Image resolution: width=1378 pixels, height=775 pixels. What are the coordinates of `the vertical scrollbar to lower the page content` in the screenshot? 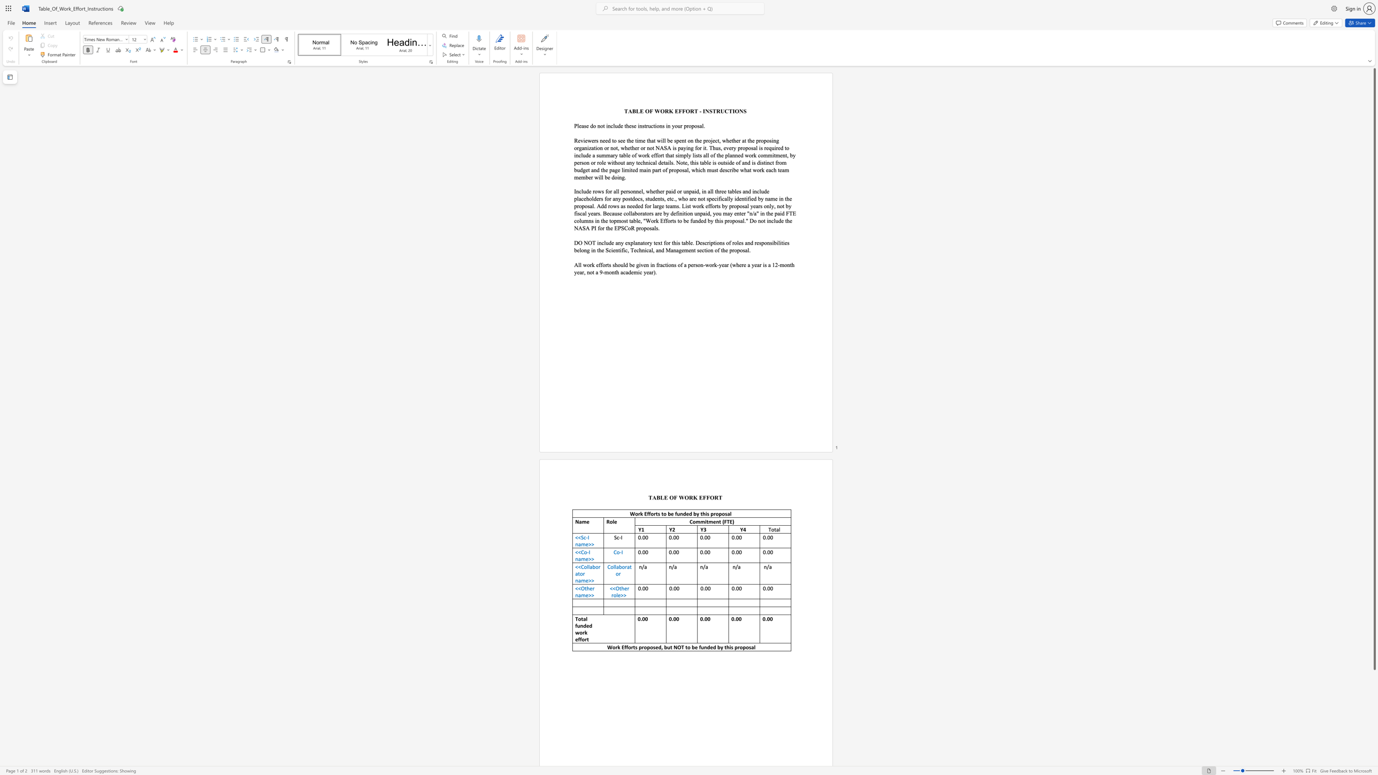 It's located at (1374, 699).